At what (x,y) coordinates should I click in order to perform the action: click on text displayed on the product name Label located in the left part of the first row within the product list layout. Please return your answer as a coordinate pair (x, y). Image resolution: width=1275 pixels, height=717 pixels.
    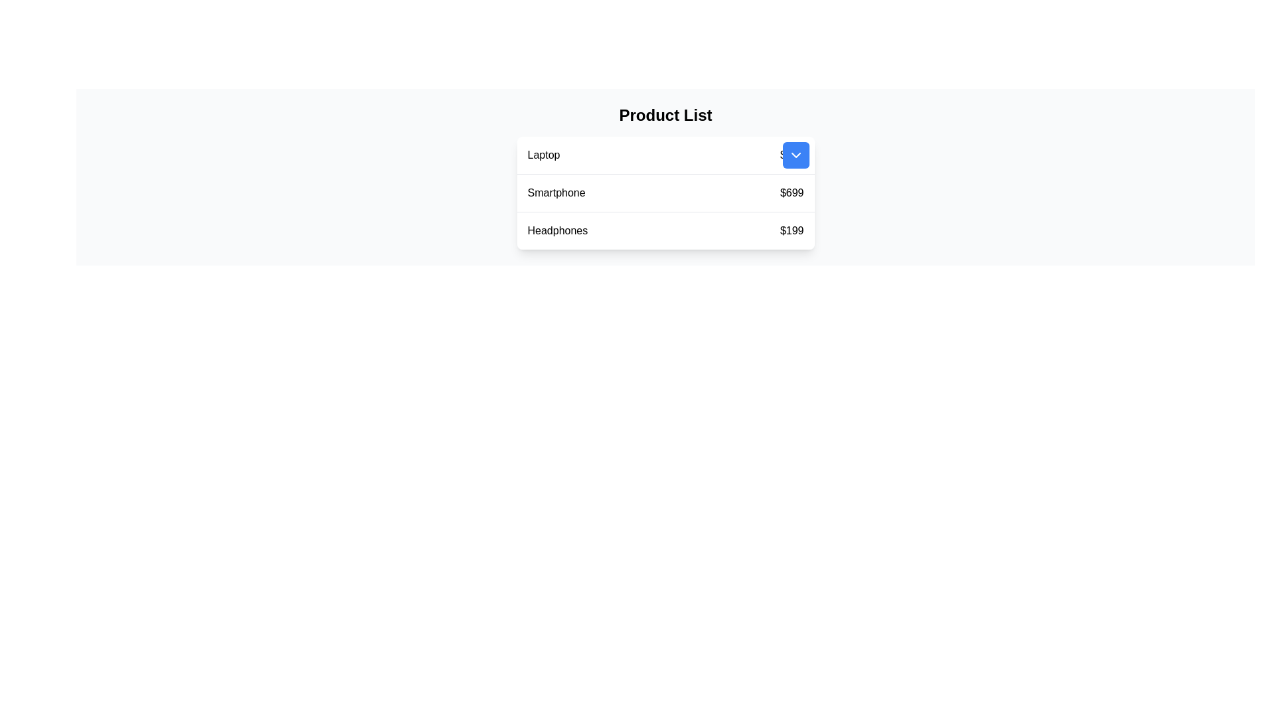
    Looking at the image, I should click on (543, 155).